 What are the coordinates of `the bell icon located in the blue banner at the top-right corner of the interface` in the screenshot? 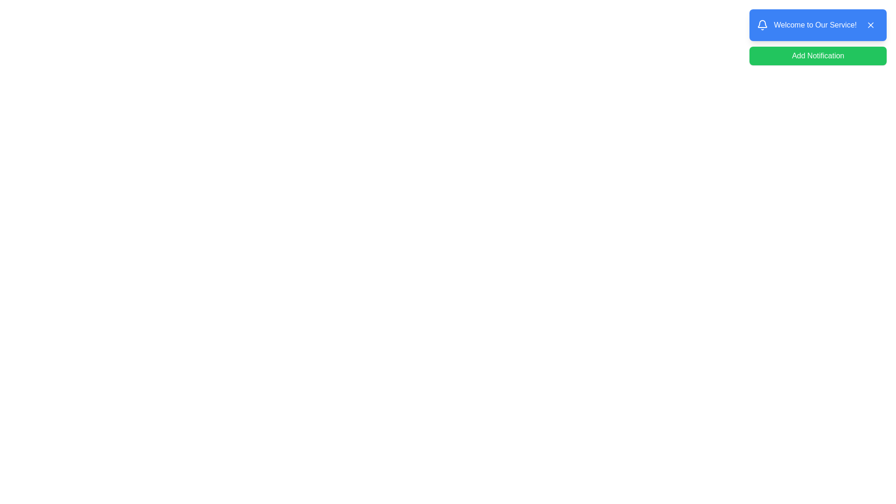 It's located at (762, 25).